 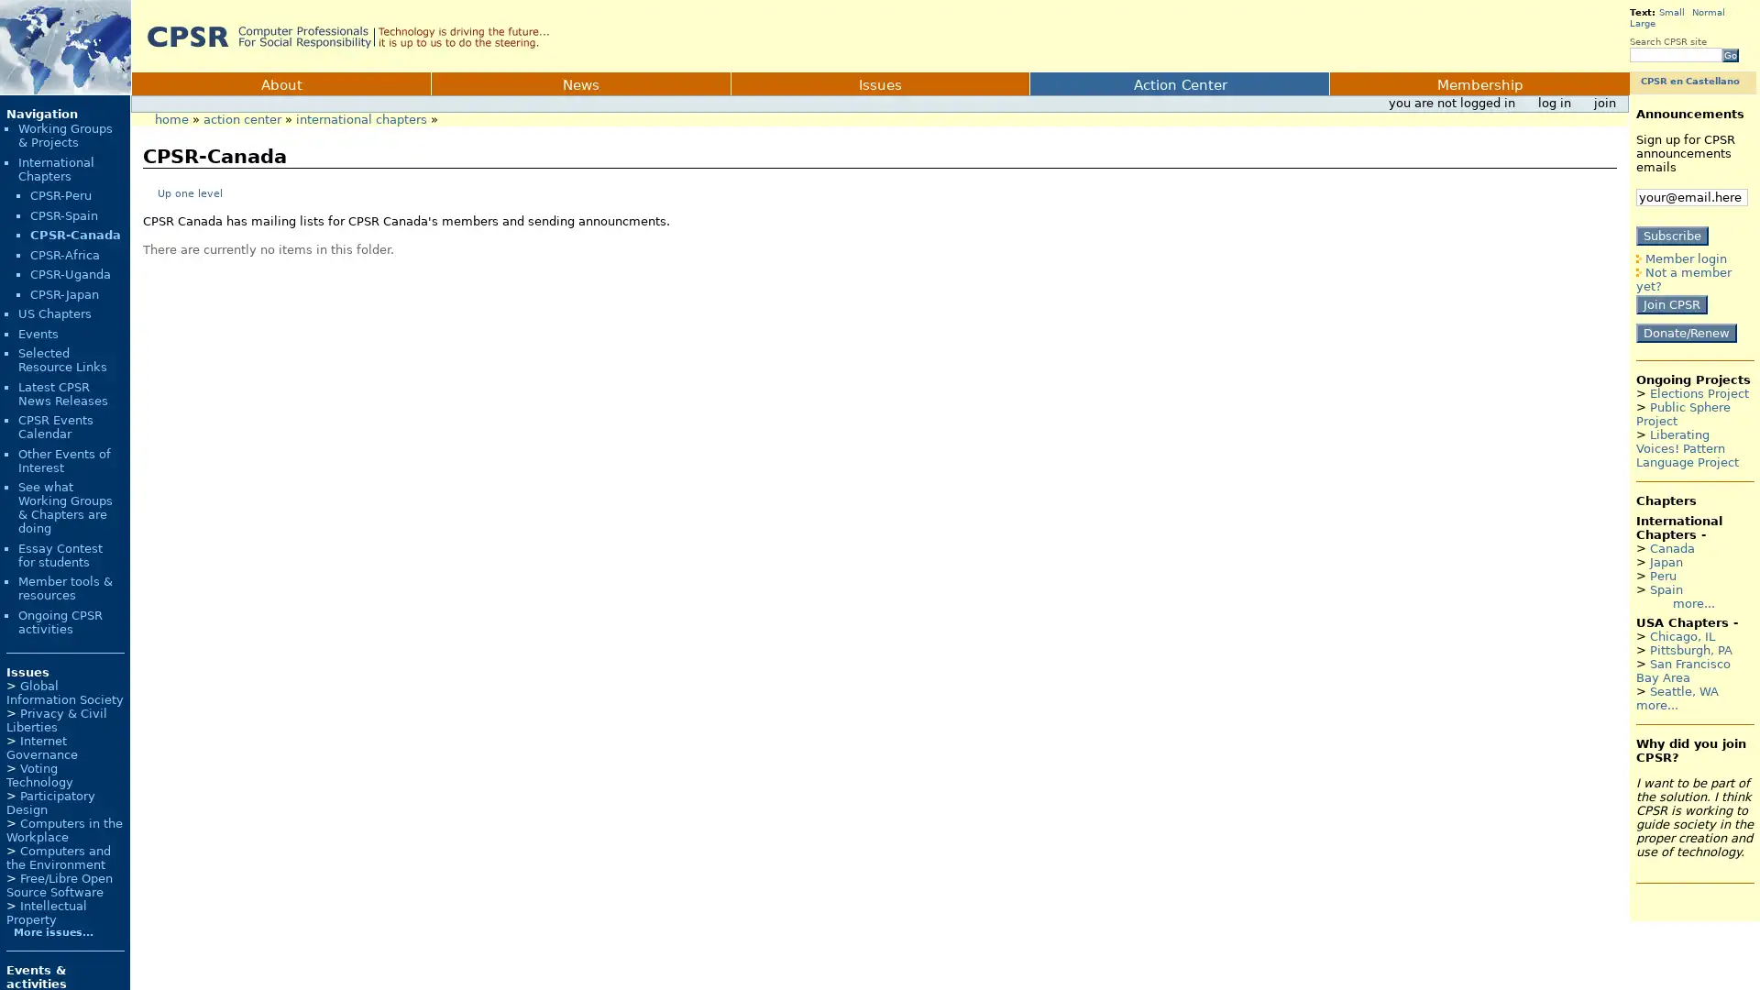 I want to click on Go, so click(x=1729, y=54).